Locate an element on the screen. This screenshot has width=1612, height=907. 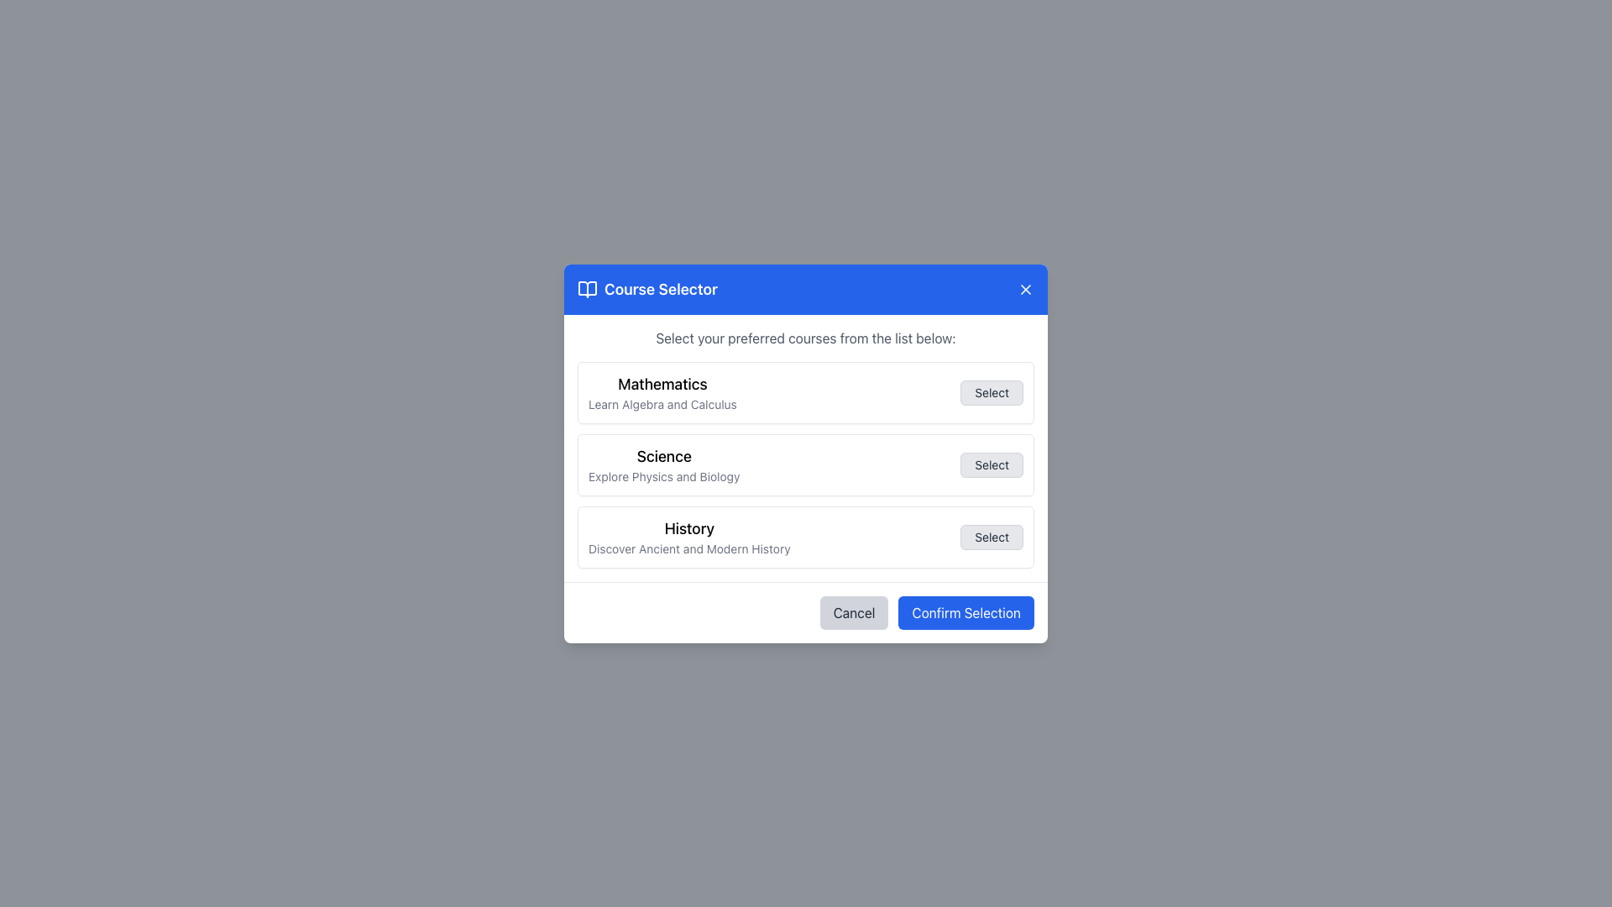
the text label providing a description for the 'History' course option located below the 'History' title in the course list is located at coordinates (689, 548).